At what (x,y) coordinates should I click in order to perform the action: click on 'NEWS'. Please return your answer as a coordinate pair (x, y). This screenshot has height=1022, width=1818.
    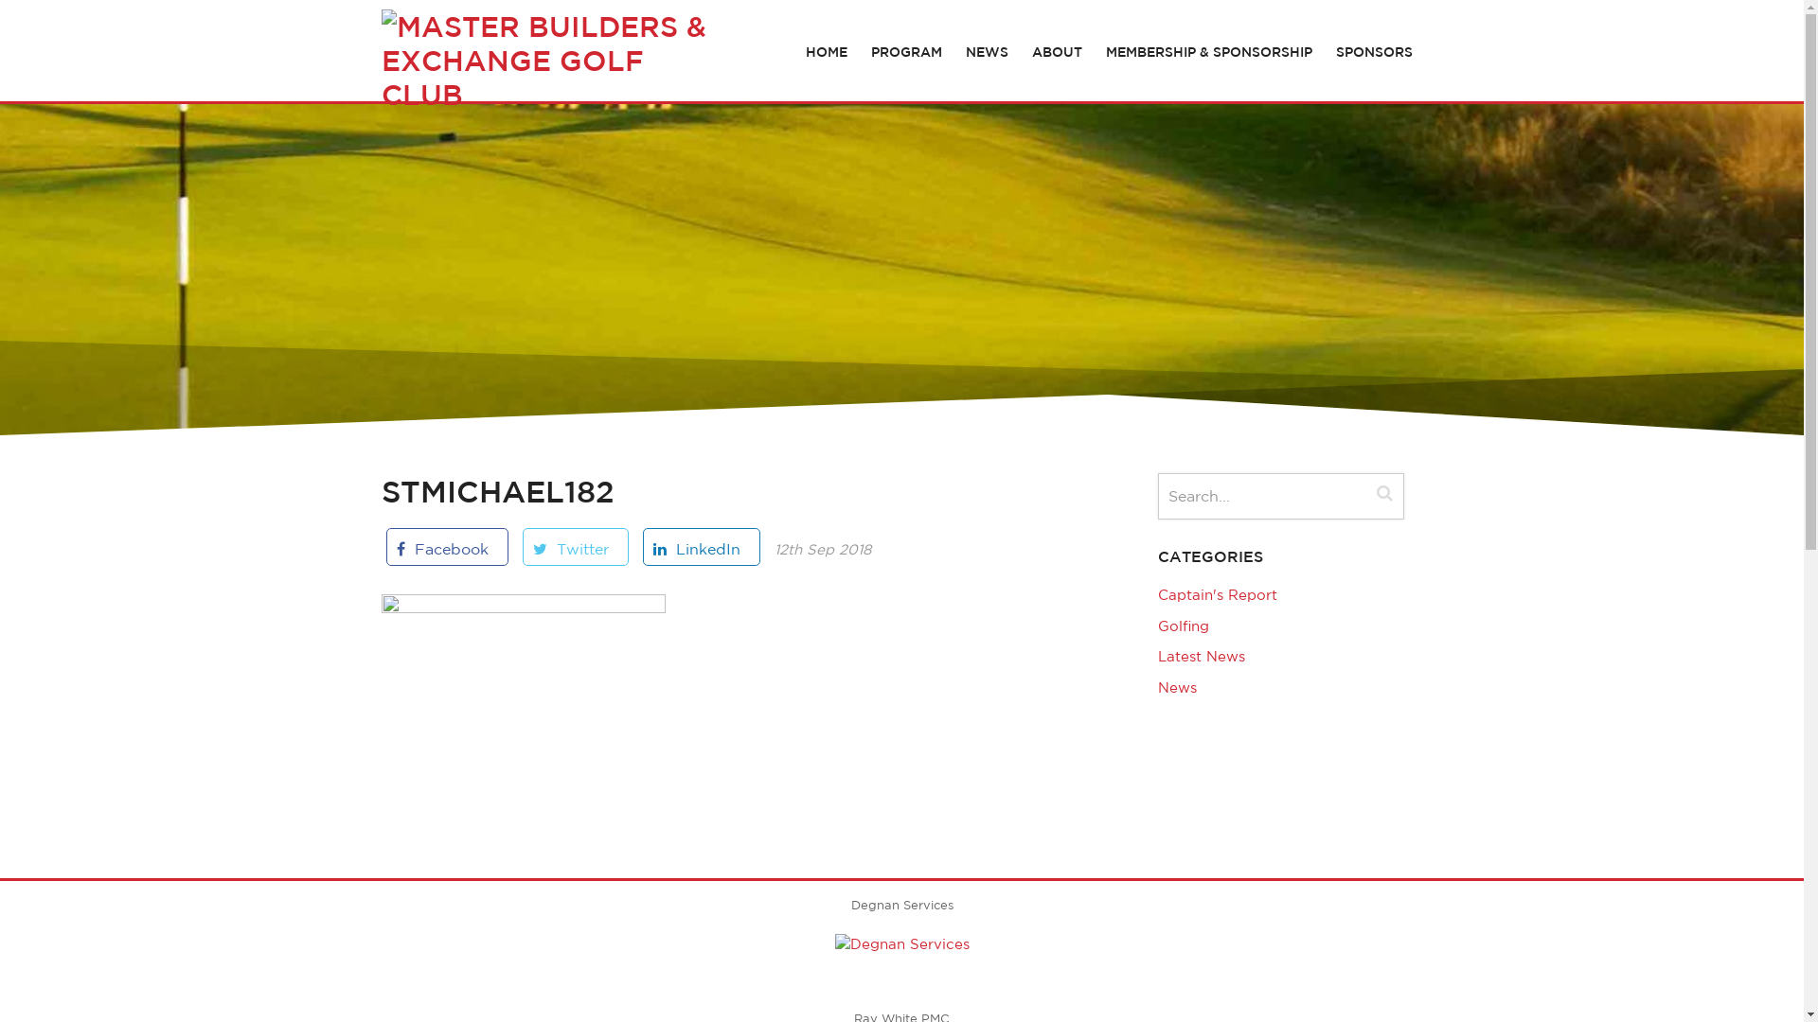
    Looking at the image, I should click on (986, 50).